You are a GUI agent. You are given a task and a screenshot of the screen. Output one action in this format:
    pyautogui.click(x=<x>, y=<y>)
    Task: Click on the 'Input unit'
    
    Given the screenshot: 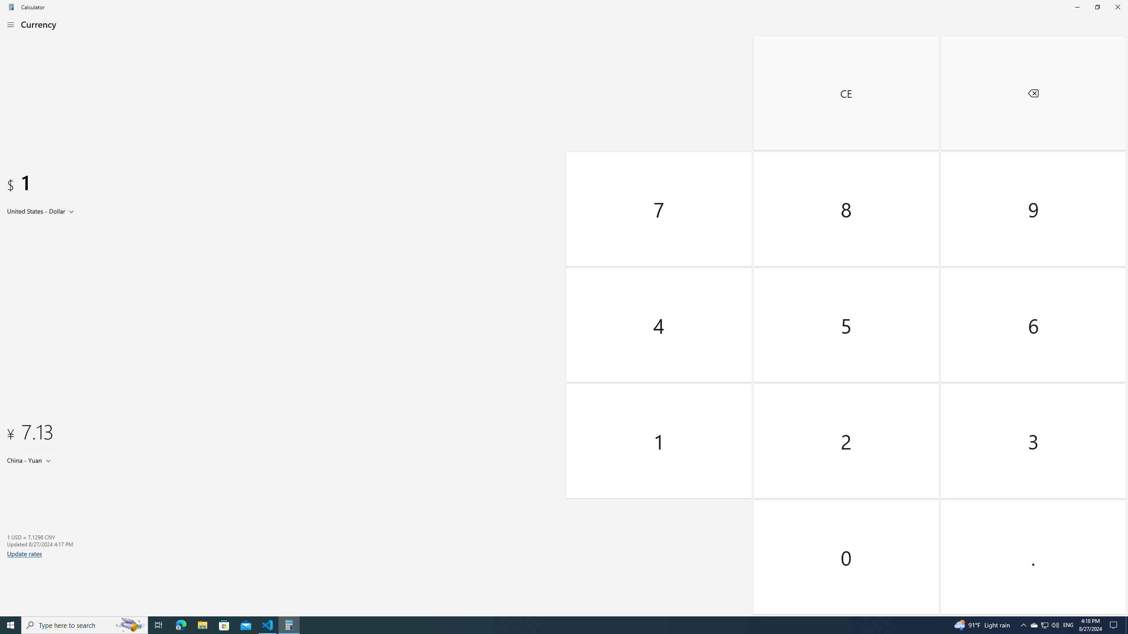 What is the action you would take?
    pyautogui.click(x=42, y=210)
    